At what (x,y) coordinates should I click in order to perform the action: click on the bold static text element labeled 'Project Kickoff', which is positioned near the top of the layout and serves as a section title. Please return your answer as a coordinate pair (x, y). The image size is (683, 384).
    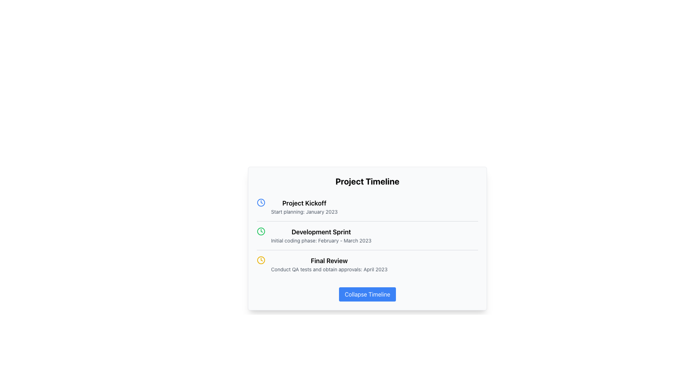
    Looking at the image, I should click on (304, 203).